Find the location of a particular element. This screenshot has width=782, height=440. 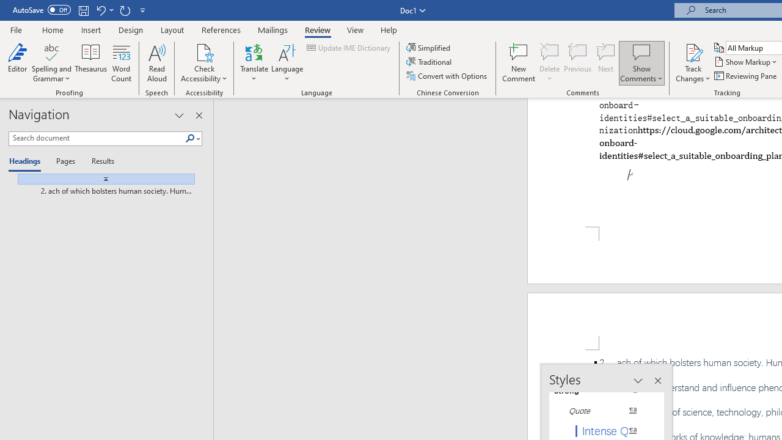

'Update IME Dictionary...' is located at coordinates (349, 47).